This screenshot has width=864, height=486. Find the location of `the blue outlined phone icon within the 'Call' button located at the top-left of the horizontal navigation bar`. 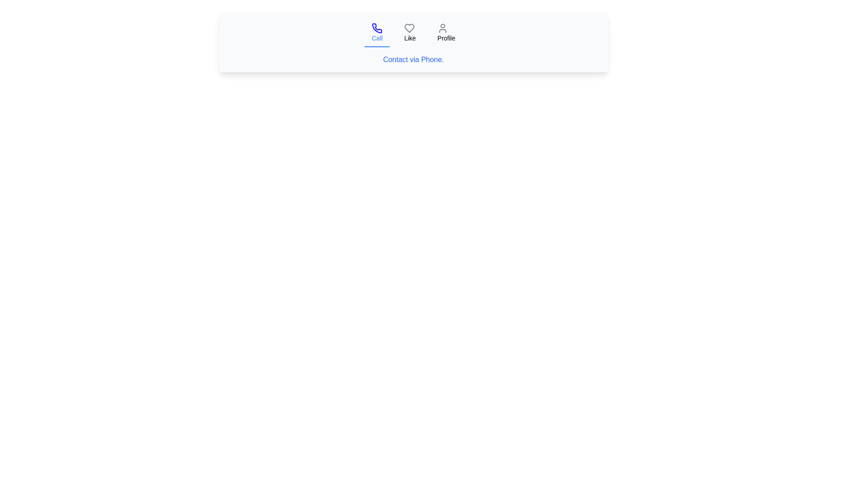

the blue outlined phone icon within the 'Call' button located at the top-left of the horizontal navigation bar is located at coordinates (377, 27).